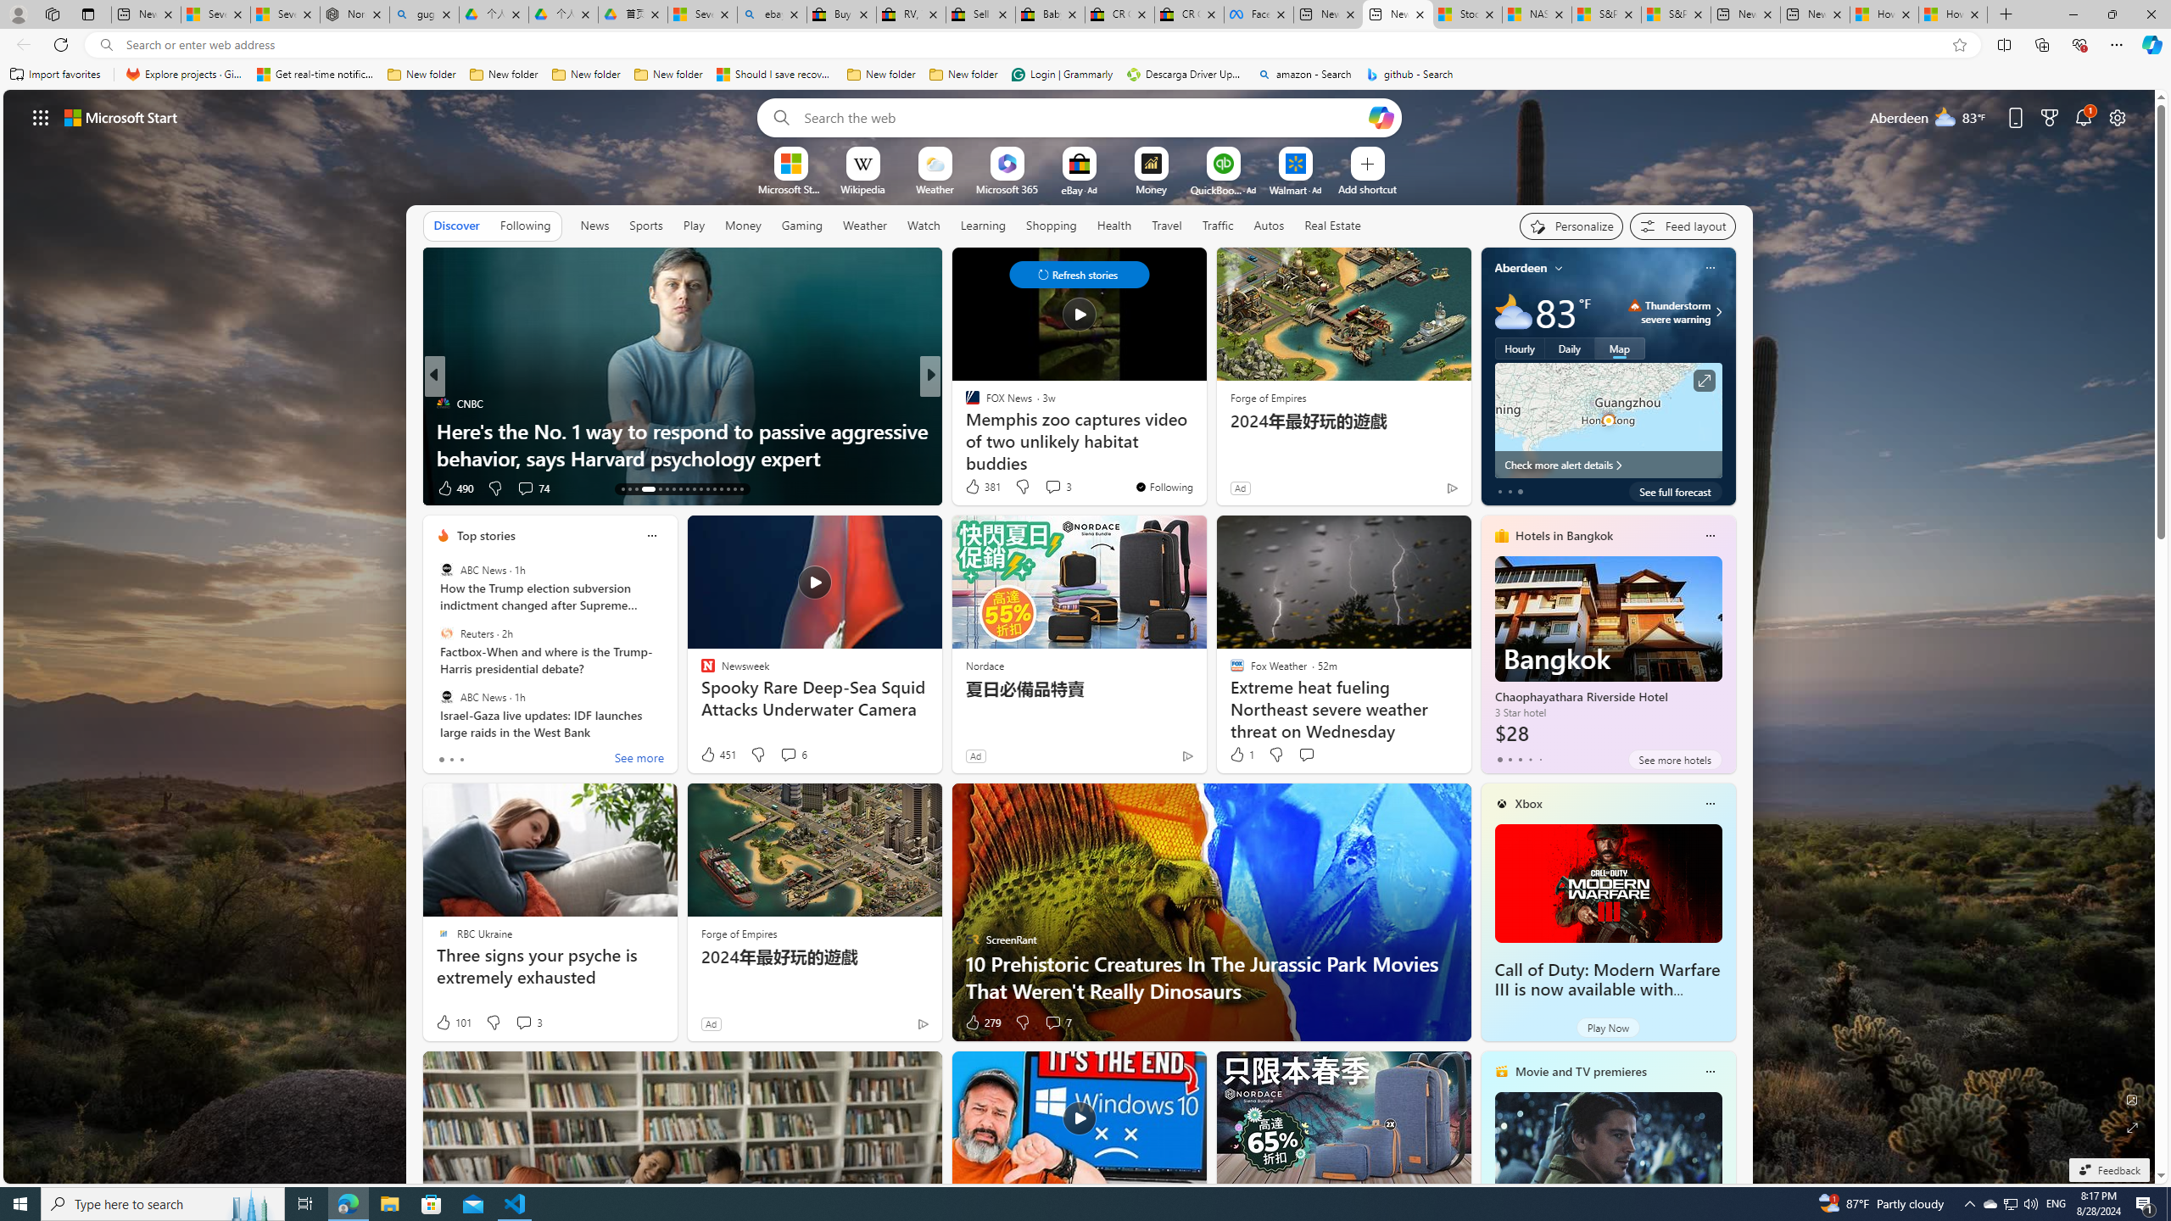  I want to click on 'View comments 6 Comment', so click(792, 753).